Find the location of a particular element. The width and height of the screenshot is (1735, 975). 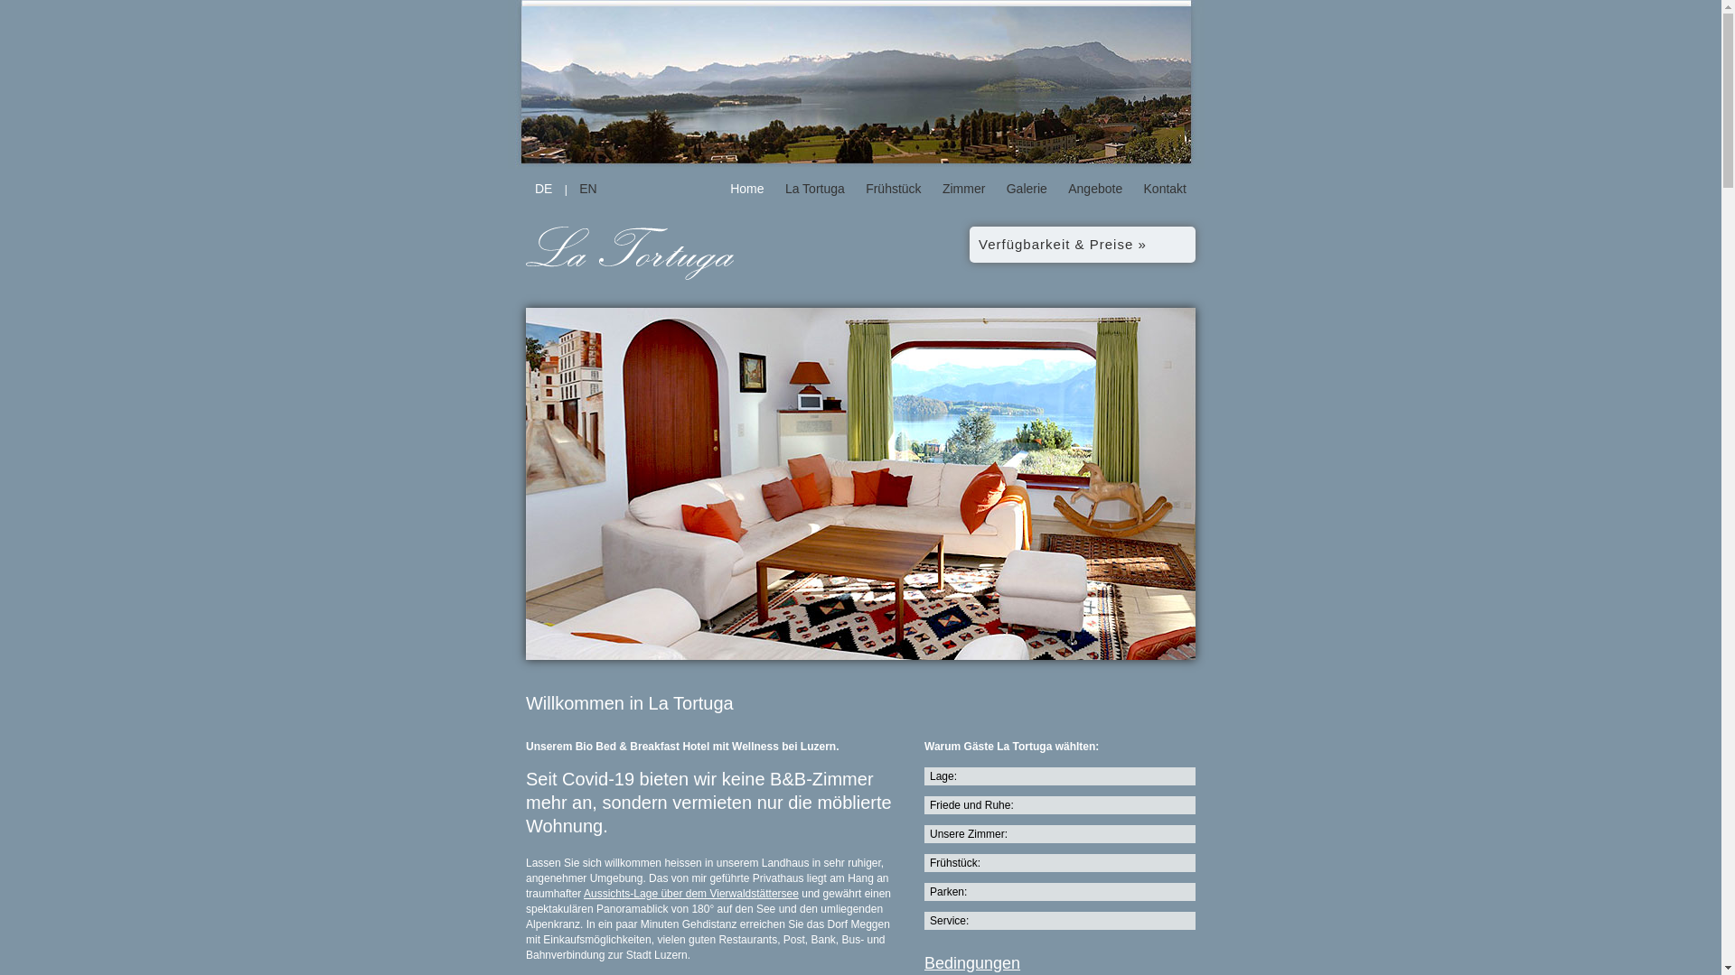

'Parken:' is located at coordinates (1059, 890).